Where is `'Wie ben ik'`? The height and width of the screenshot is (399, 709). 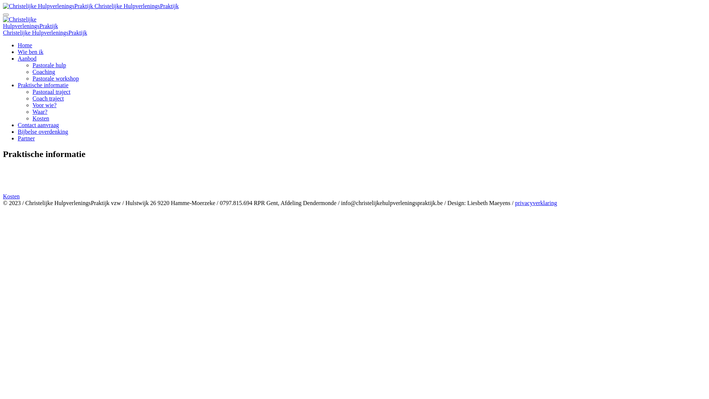 'Wie ben ik' is located at coordinates (30, 51).